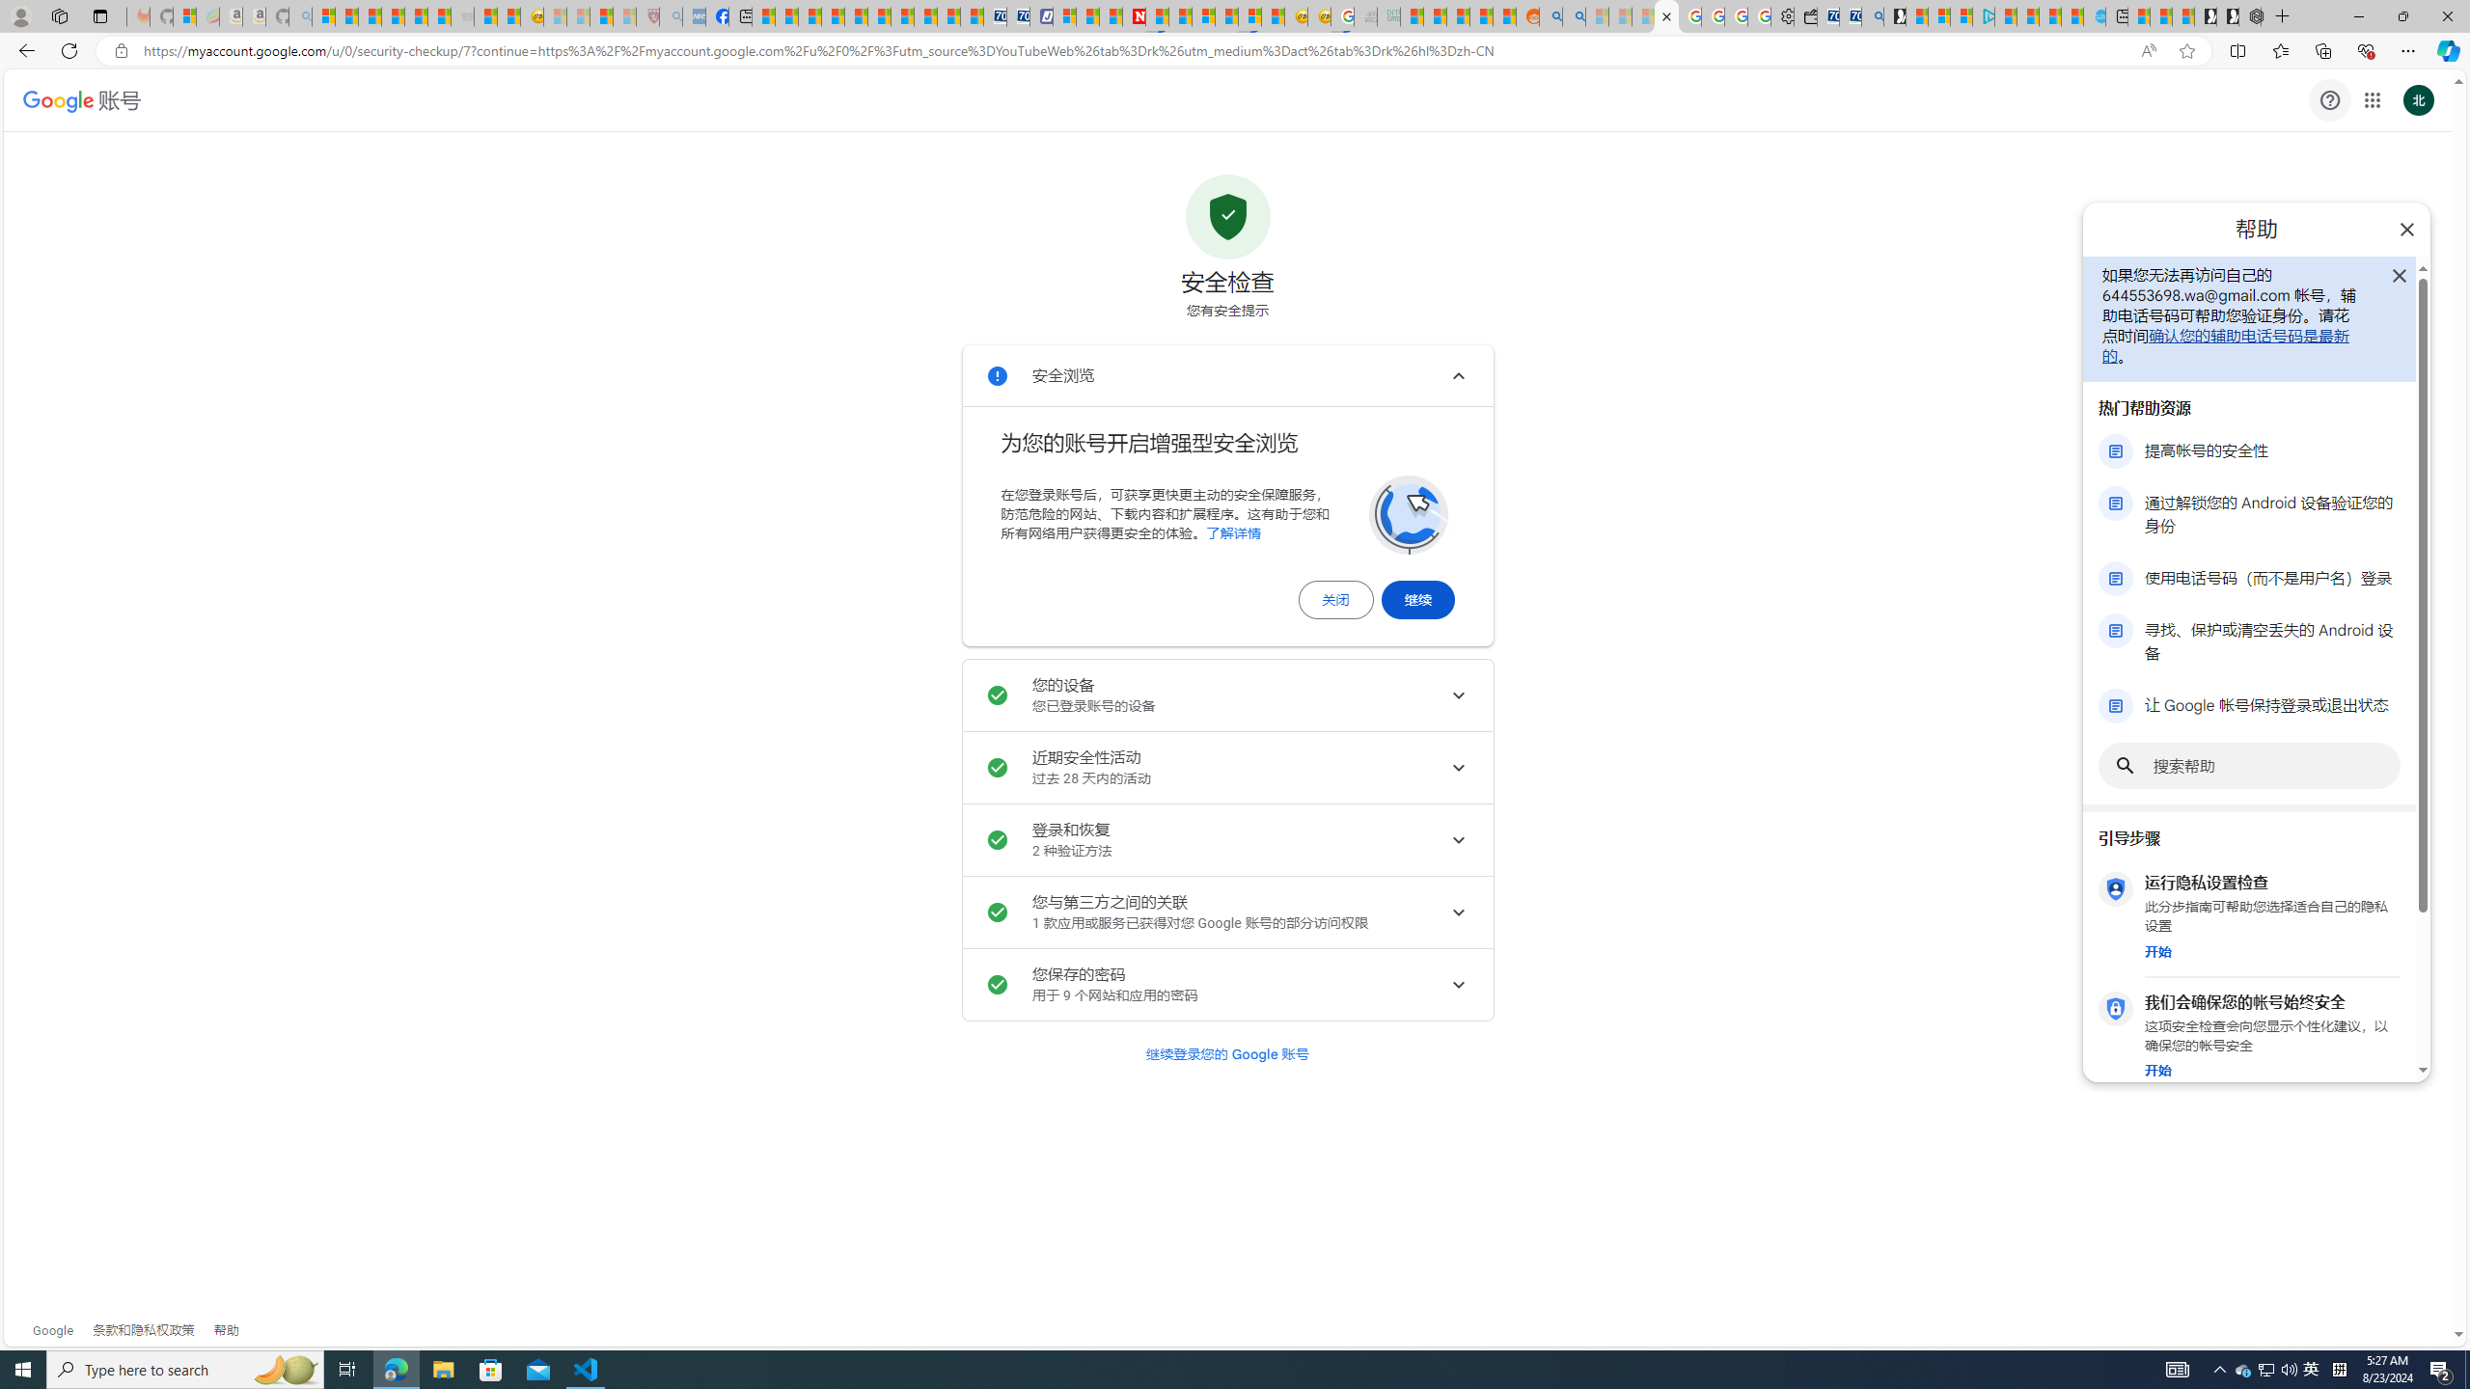 The height and width of the screenshot is (1389, 2470). I want to click on '14 Common Myths Debunked By Scientific Facts', so click(1179, 15).